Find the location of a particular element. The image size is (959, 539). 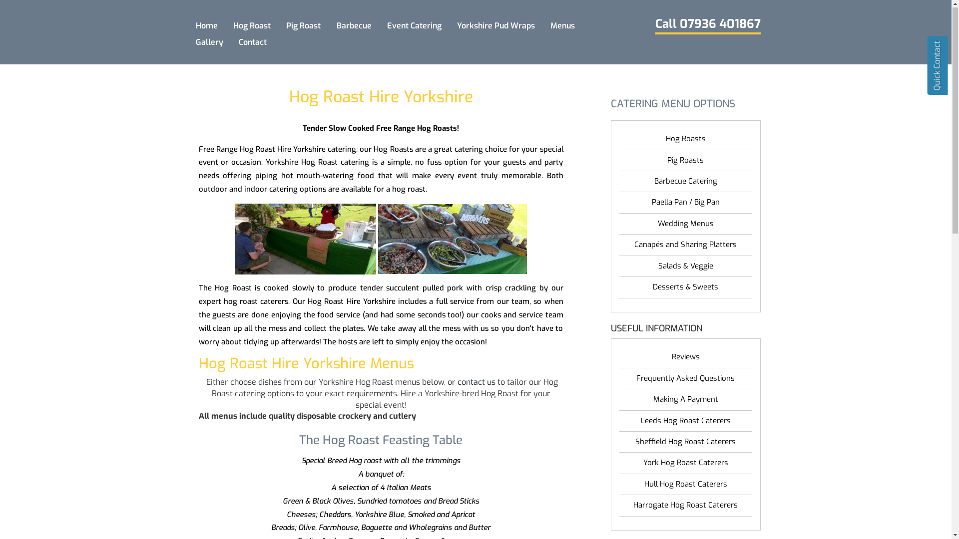

'Yorkshire Pud Wraps' is located at coordinates (495, 25).